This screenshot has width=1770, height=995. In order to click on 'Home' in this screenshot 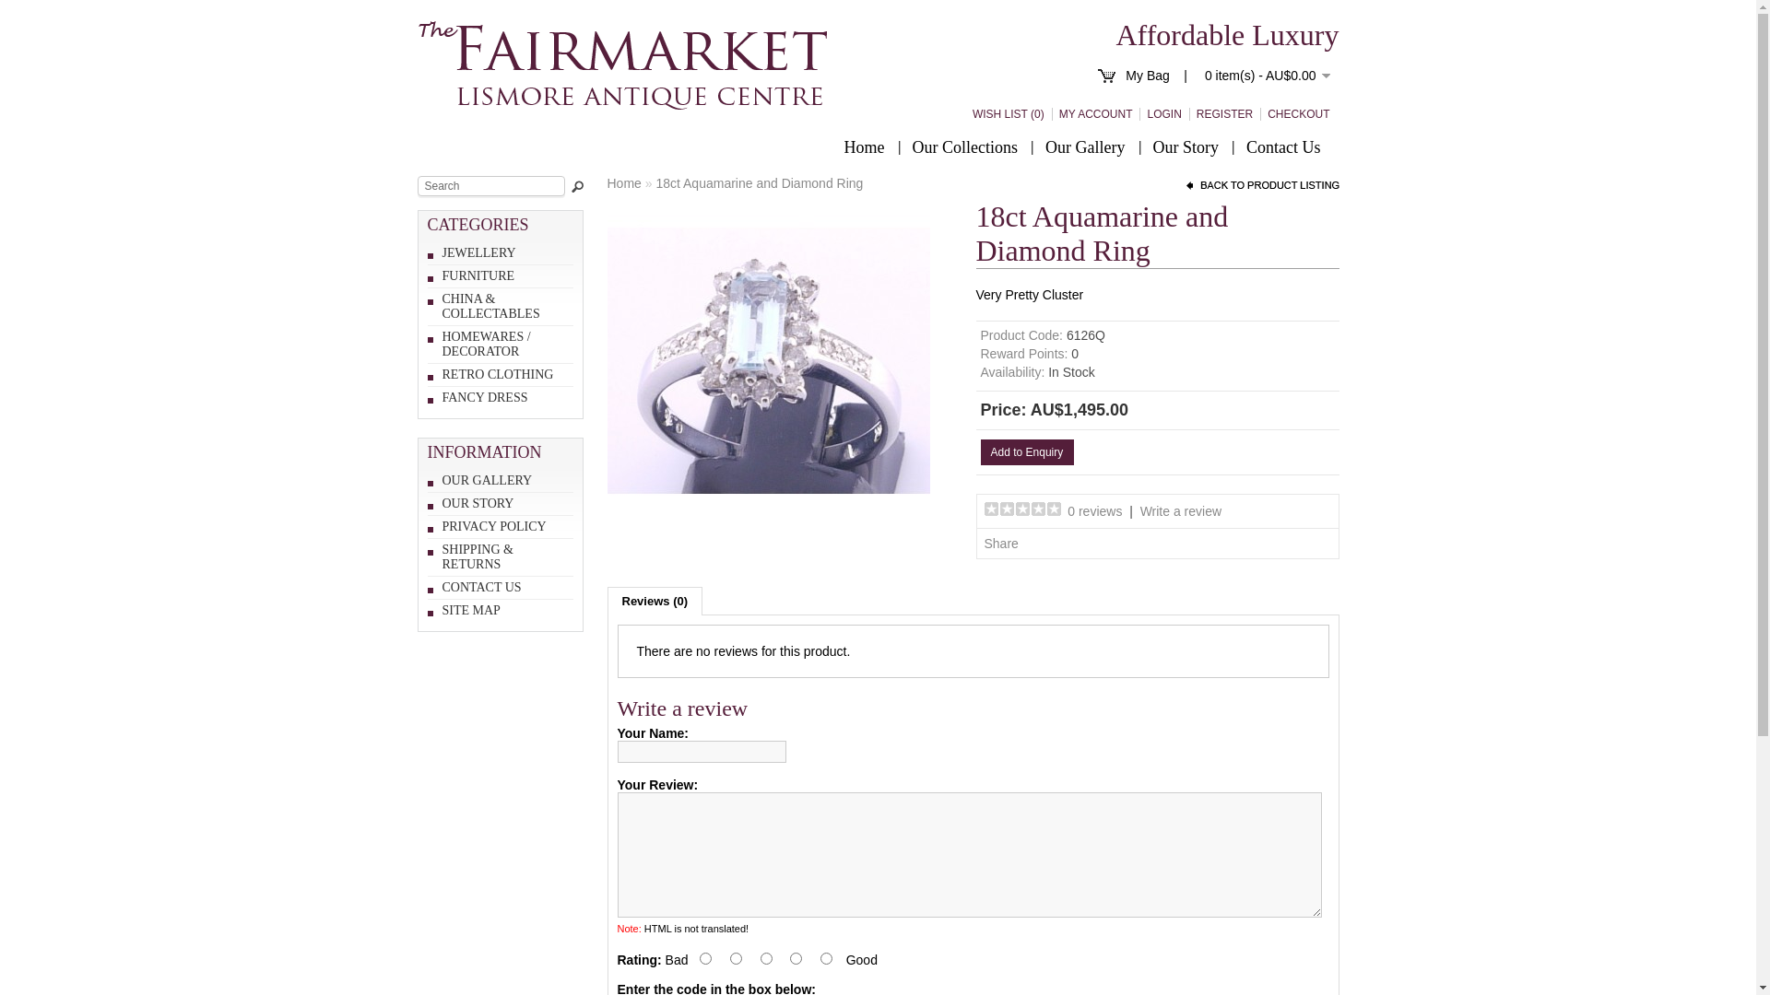, I will do `click(623, 183)`.